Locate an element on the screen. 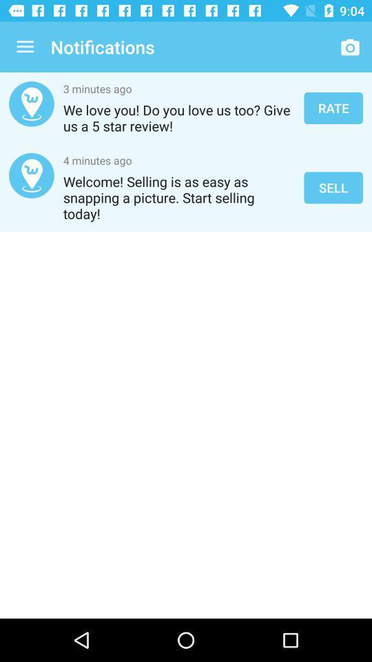 The image size is (372, 662). the icon next to notifications item is located at coordinates (25, 47).